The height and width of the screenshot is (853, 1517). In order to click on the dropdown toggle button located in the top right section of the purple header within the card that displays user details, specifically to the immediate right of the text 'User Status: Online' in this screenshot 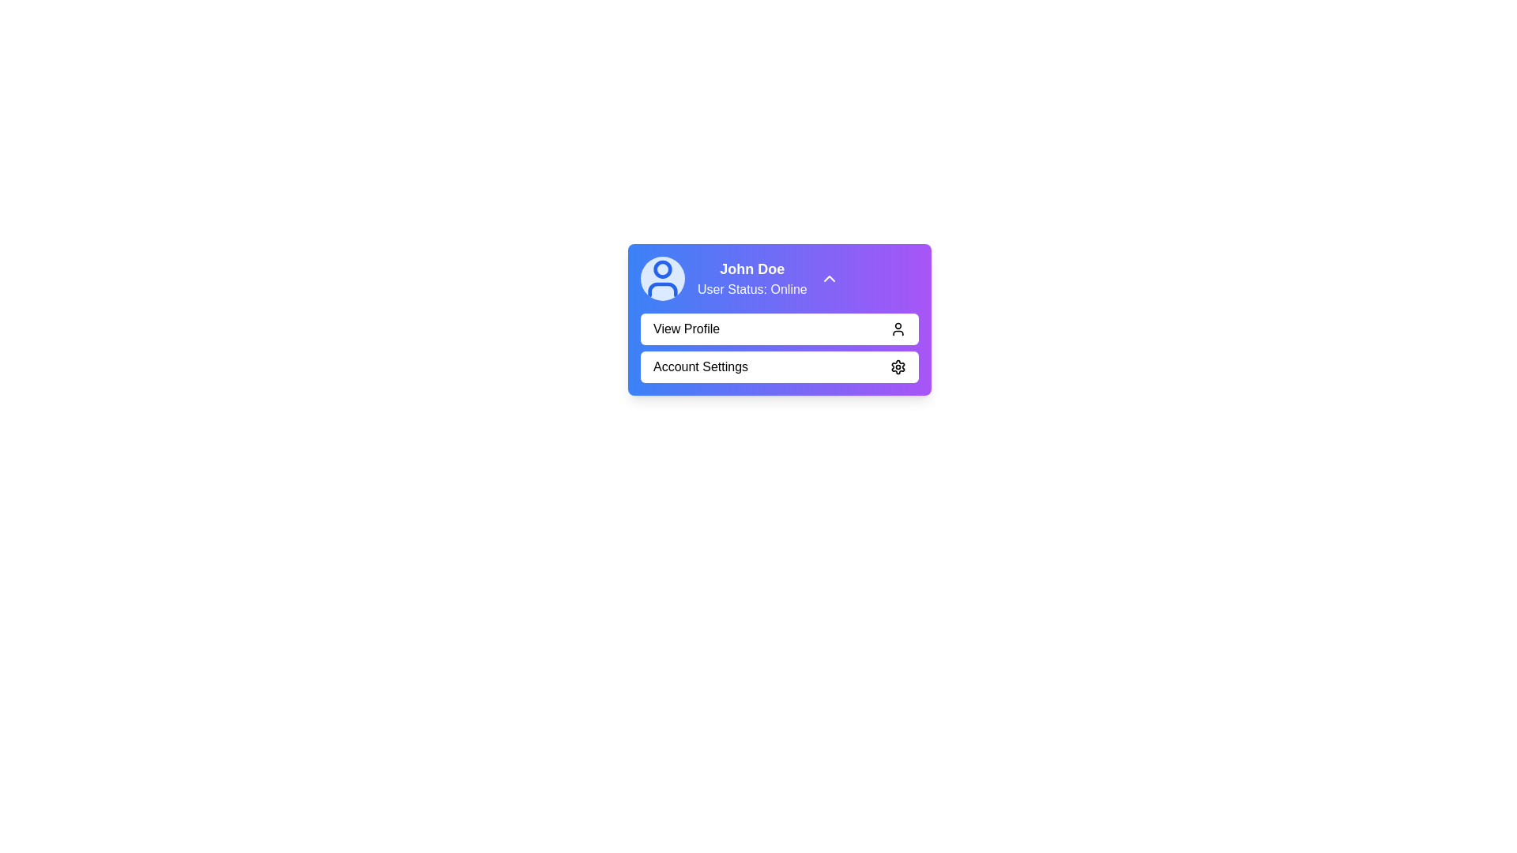, I will do `click(828, 278)`.